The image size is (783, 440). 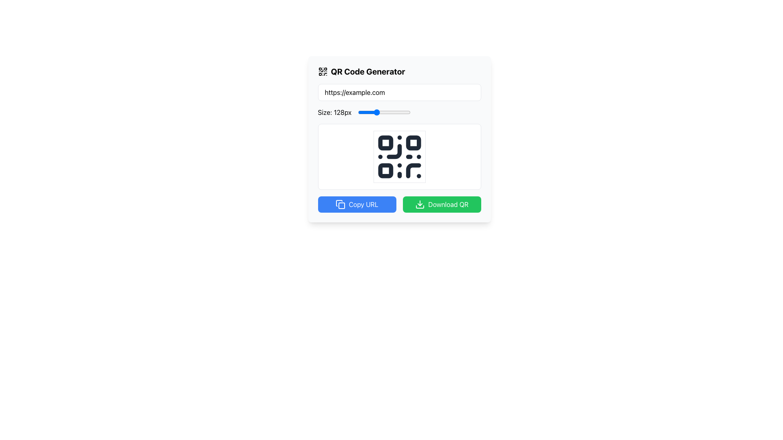 I want to click on the button designed to copy the URL of the displayed QR code for keyboard interaction, so click(x=357, y=204).